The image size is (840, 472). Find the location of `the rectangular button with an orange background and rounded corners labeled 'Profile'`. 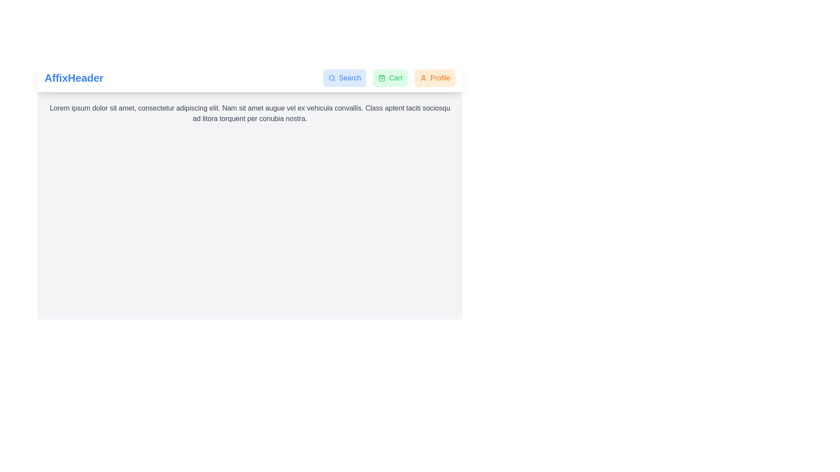

the rectangular button with an orange background and rounded corners labeled 'Profile' is located at coordinates (435, 77).